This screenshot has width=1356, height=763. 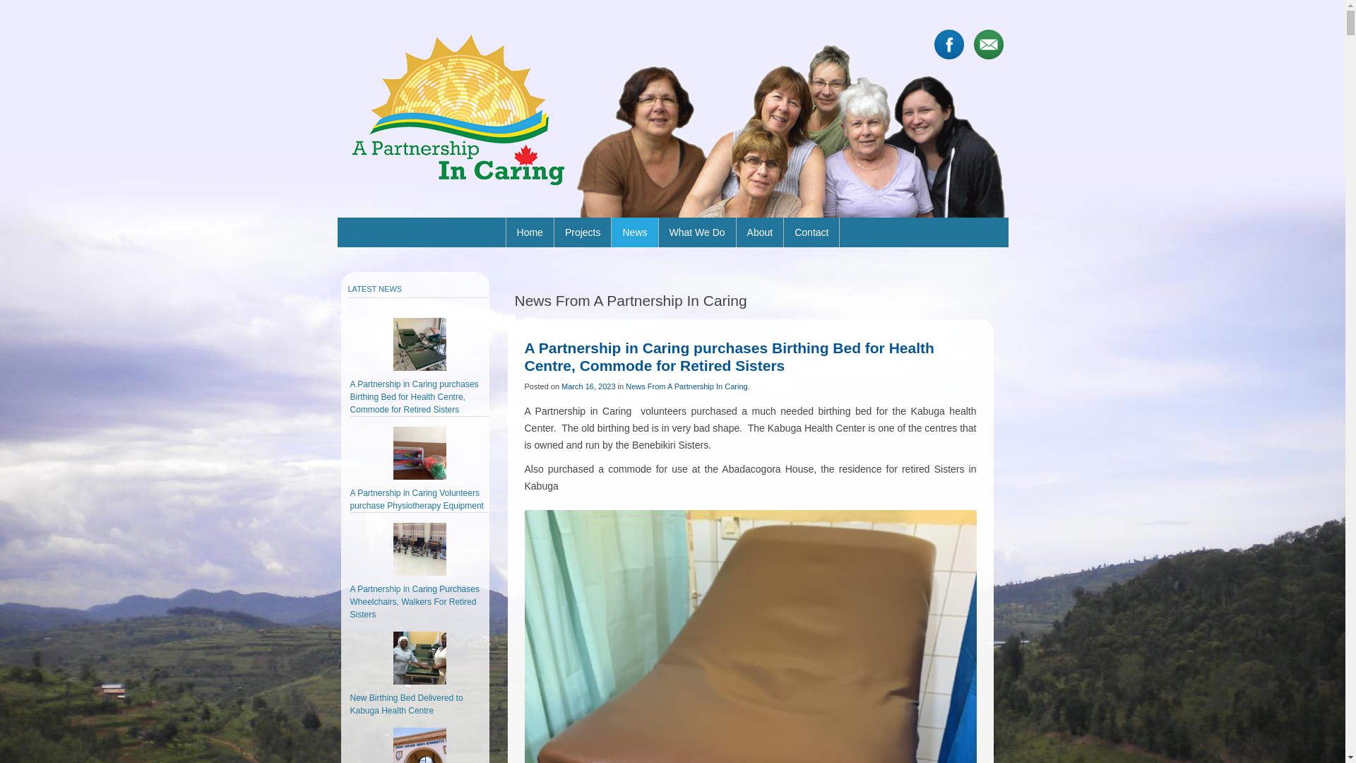 What do you see at coordinates (625, 386) in the screenshot?
I see `'News From A Partnership In Caring'` at bounding box center [625, 386].